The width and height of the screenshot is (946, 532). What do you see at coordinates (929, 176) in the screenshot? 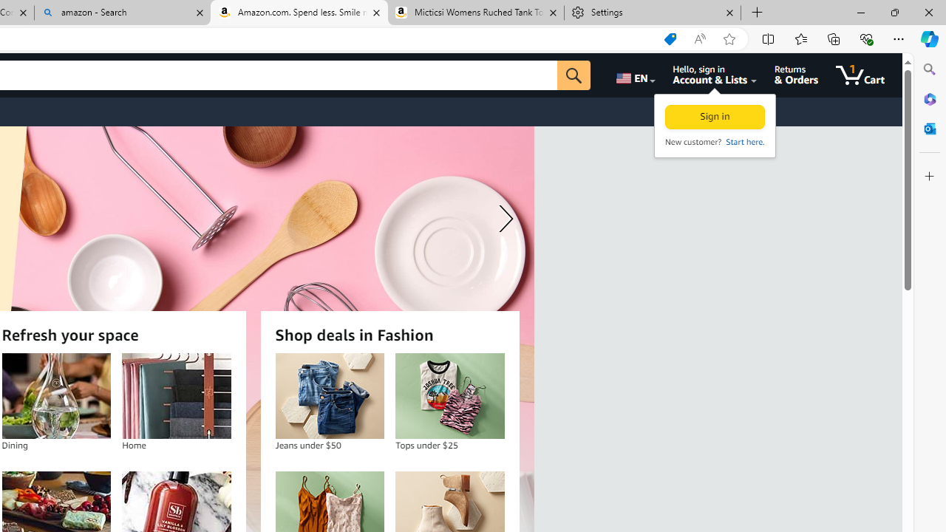
I see `'Customize'` at bounding box center [929, 176].